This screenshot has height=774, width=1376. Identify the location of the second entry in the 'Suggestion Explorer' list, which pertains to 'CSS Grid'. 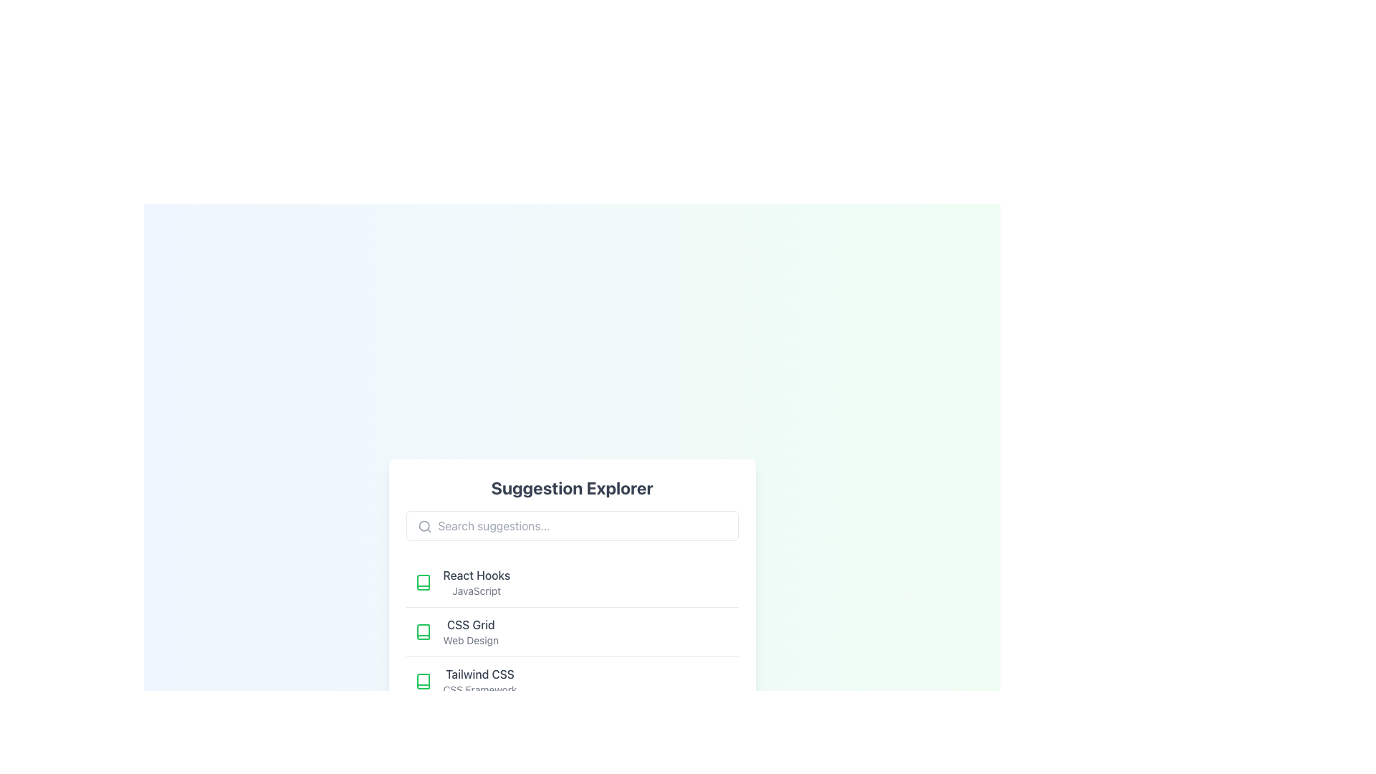
(571, 631).